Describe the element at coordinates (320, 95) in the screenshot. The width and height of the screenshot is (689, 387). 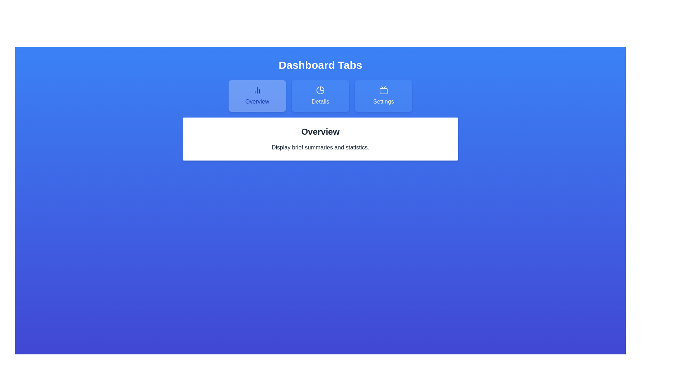
I see `the Details tab by clicking on its button` at that location.